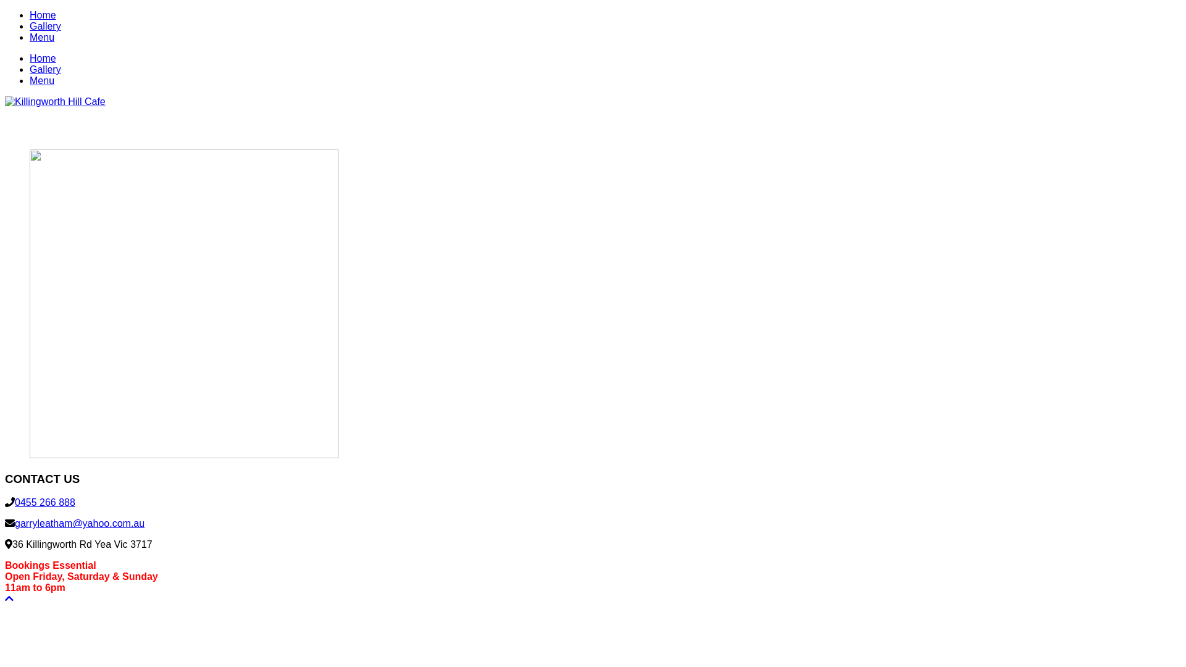  What do you see at coordinates (30, 36) in the screenshot?
I see `'Menu'` at bounding box center [30, 36].